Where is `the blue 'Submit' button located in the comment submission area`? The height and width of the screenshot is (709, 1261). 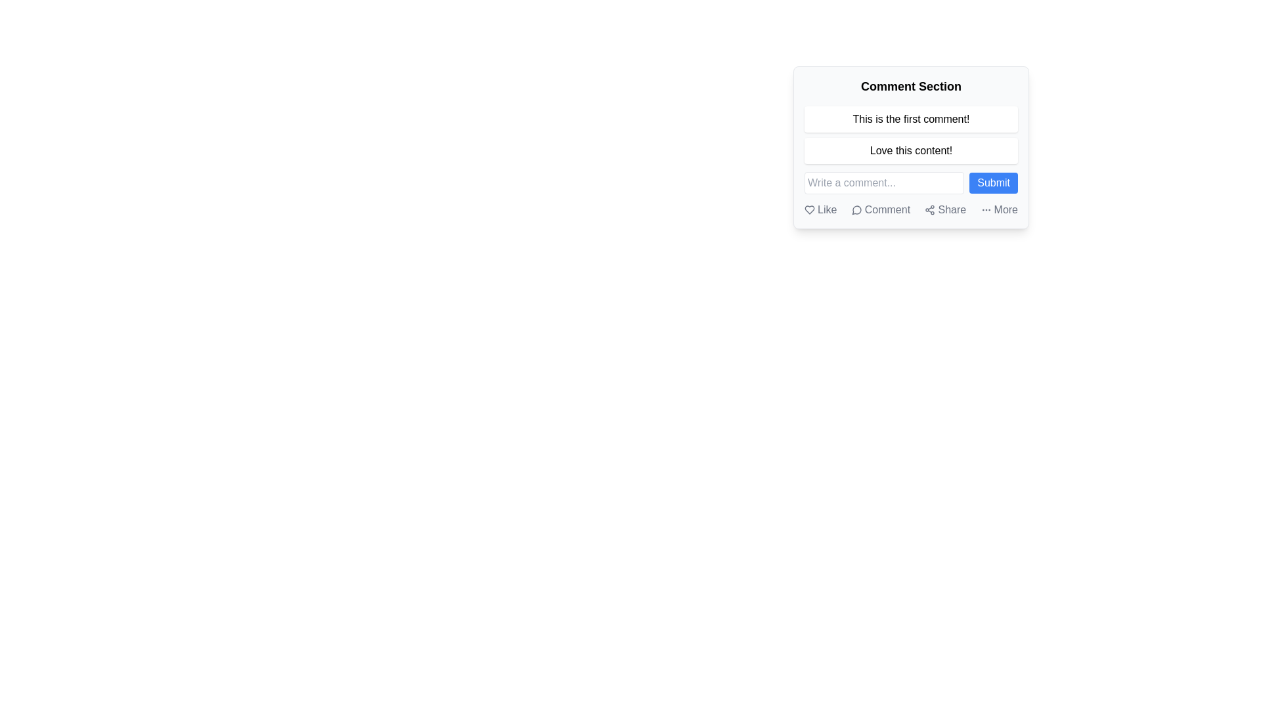
the blue 'Submit' button located in the comment submission area is located at coordinates (994, 183).